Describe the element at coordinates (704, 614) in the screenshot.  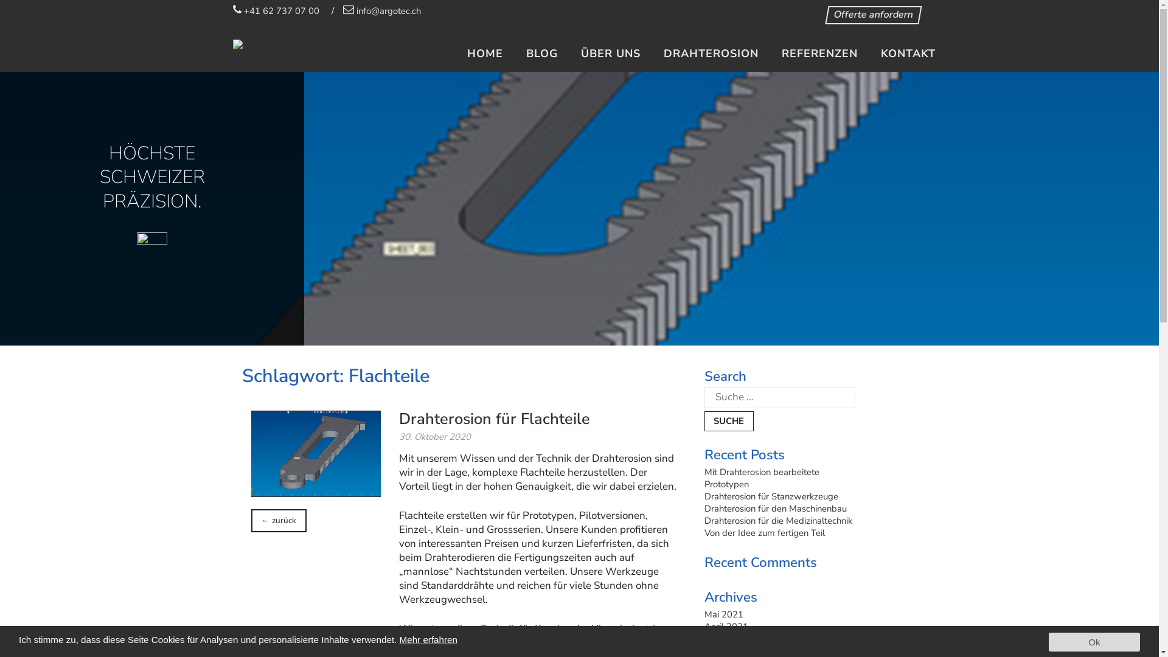
I see `'Mai 2021'` at that location.